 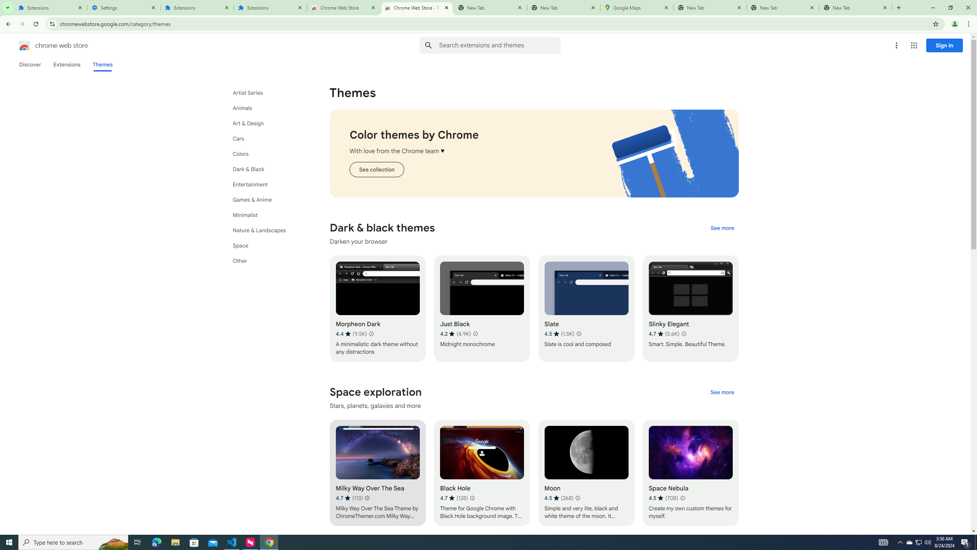 What do you see at coordinates (268, 260) in the screenshot?
I see `'Other'` at bounding box center [268, 260].